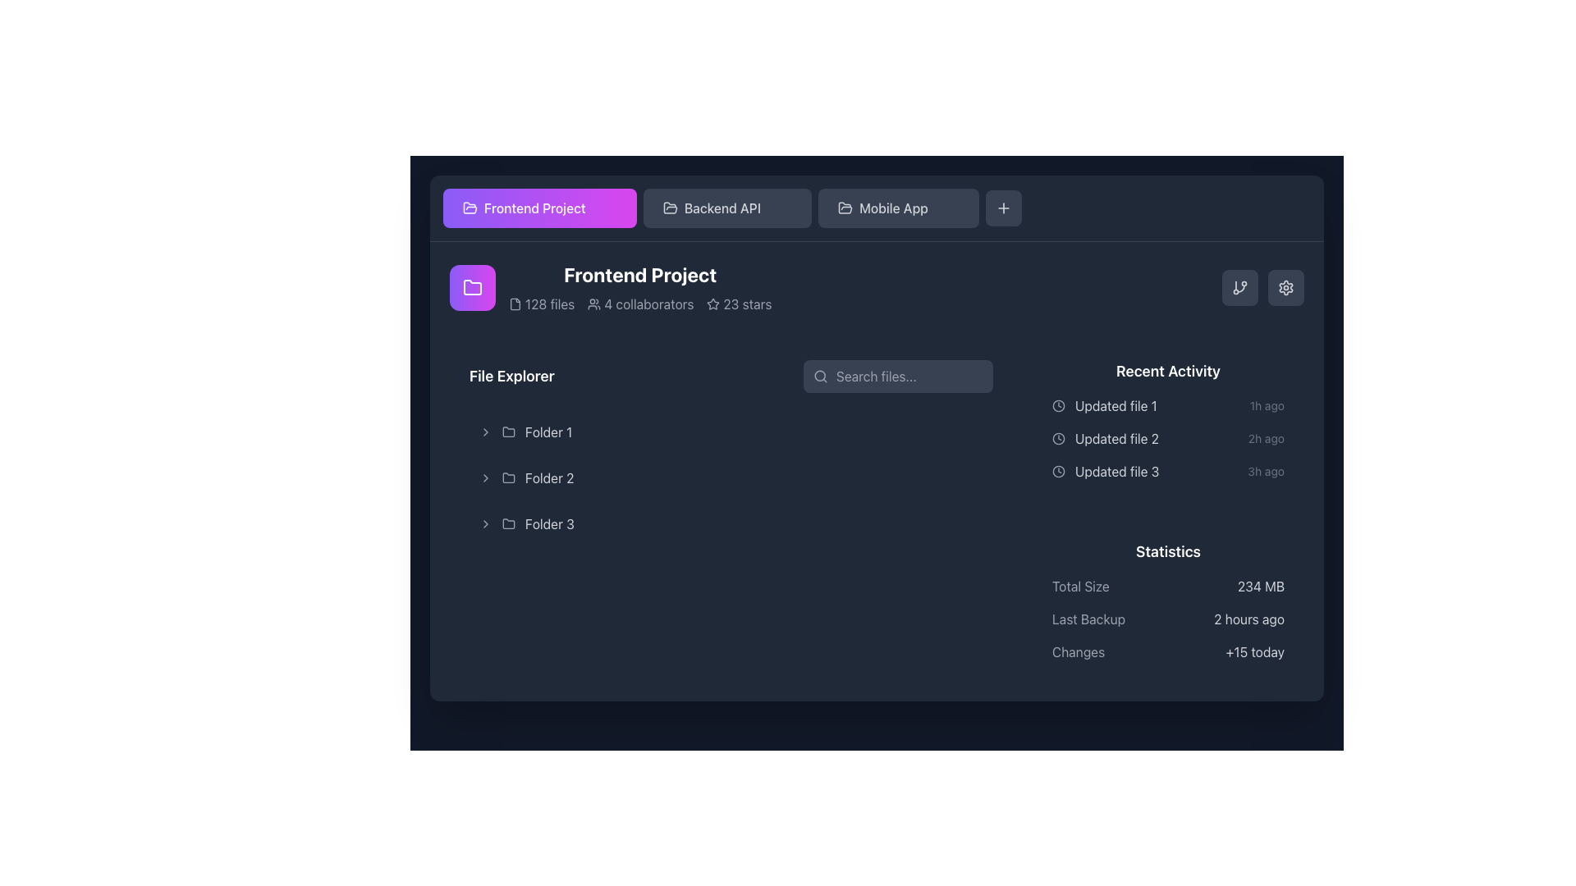  What do you see at coordinates (731, 477) in the screenshot?
I see `the 'Folder 2' expandable list item` at bounding box center [731, 477].